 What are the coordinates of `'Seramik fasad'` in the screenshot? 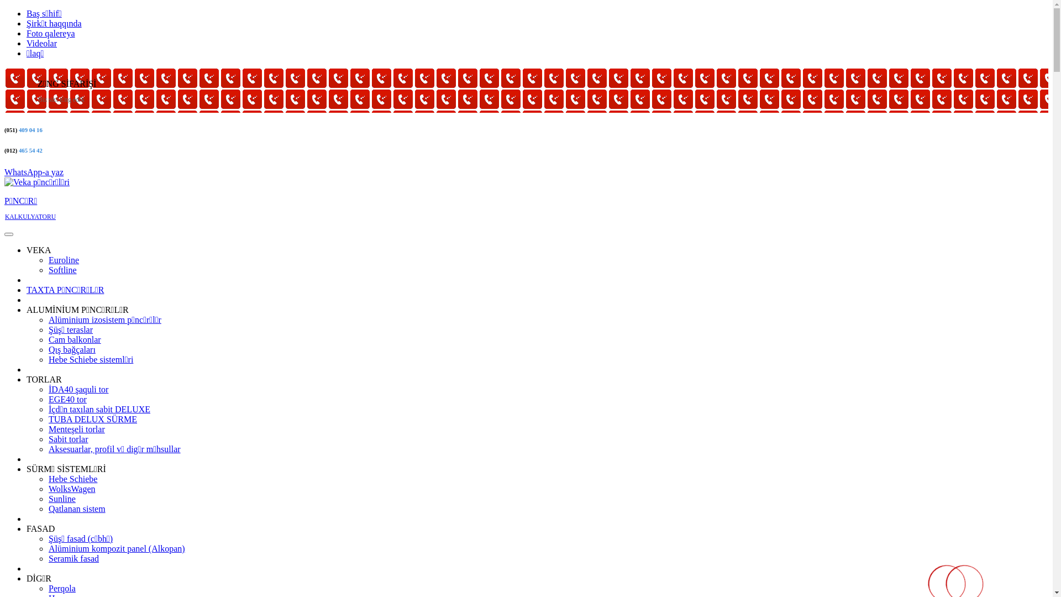 It's located at (73, 558).